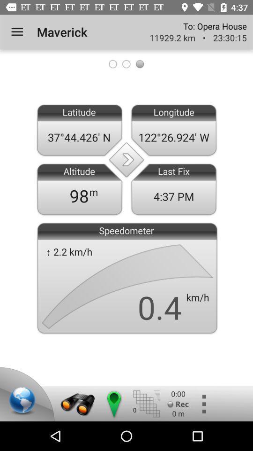 This screenshot has width=253, height=451. Describe the element at coordinates (146, 404) in the screenshot. I see `meshing option` at that location.